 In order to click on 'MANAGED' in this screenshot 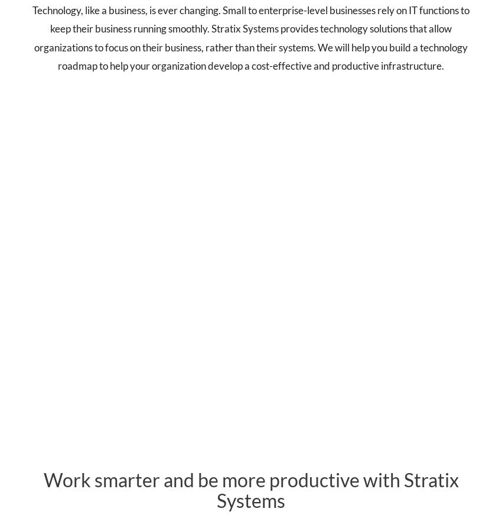, I will do `click(83, 272)`.